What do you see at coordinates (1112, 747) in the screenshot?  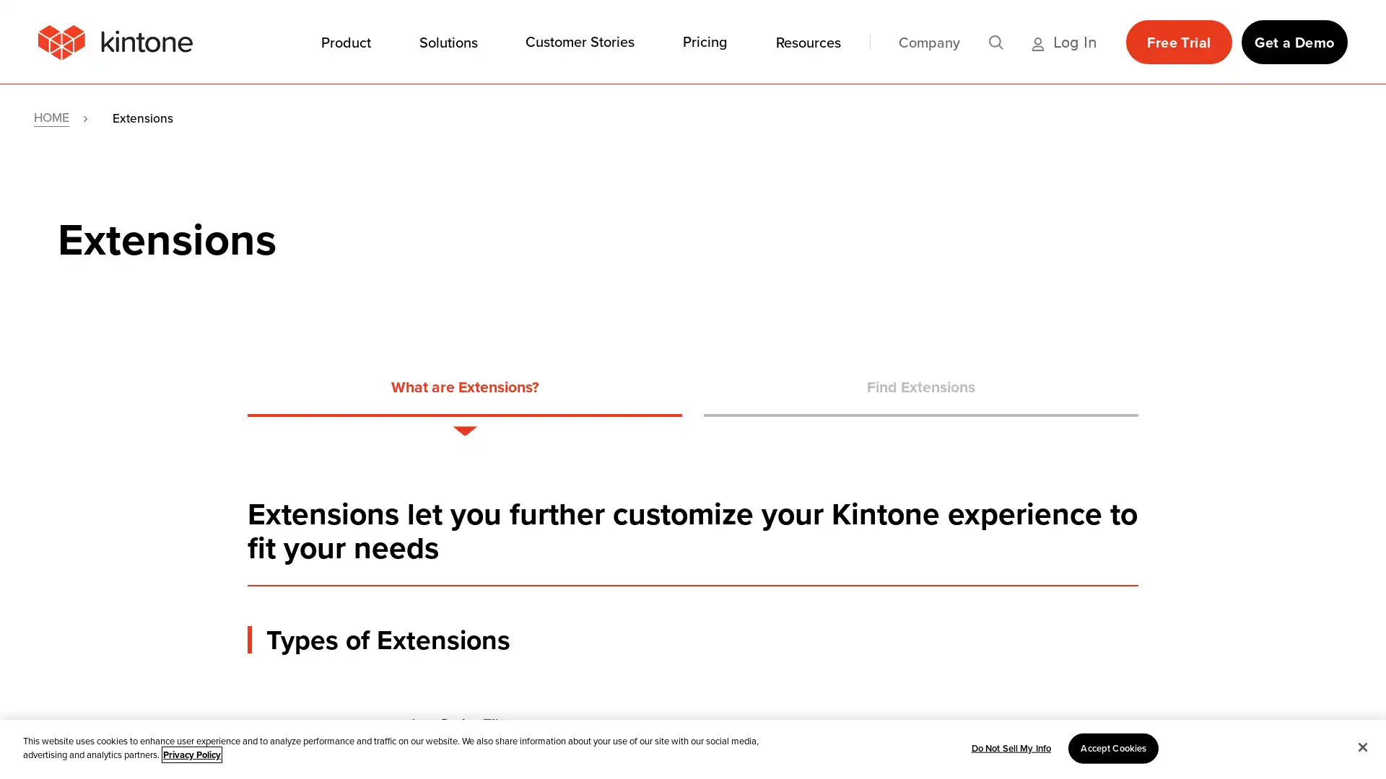 I see `Accept Cookies` at bounding box center [1112, 747].